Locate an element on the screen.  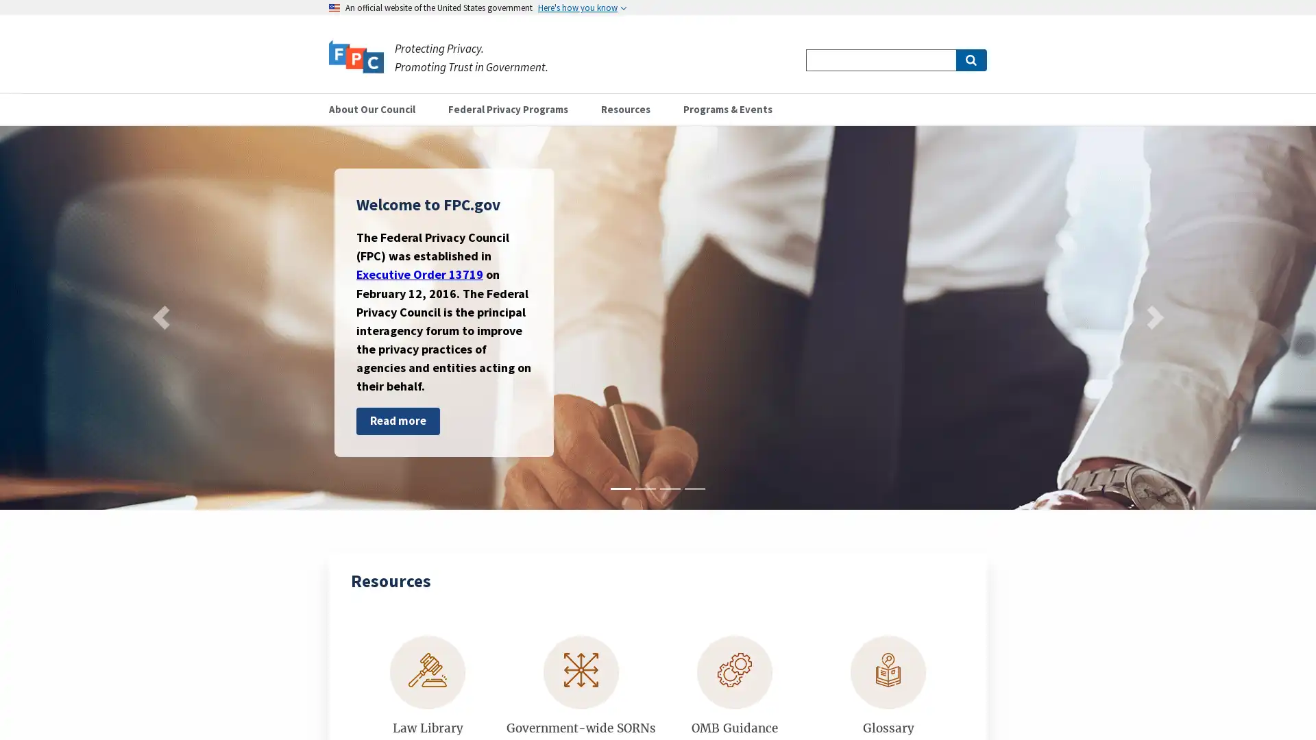
Resources is located at coordinates (631, 108).